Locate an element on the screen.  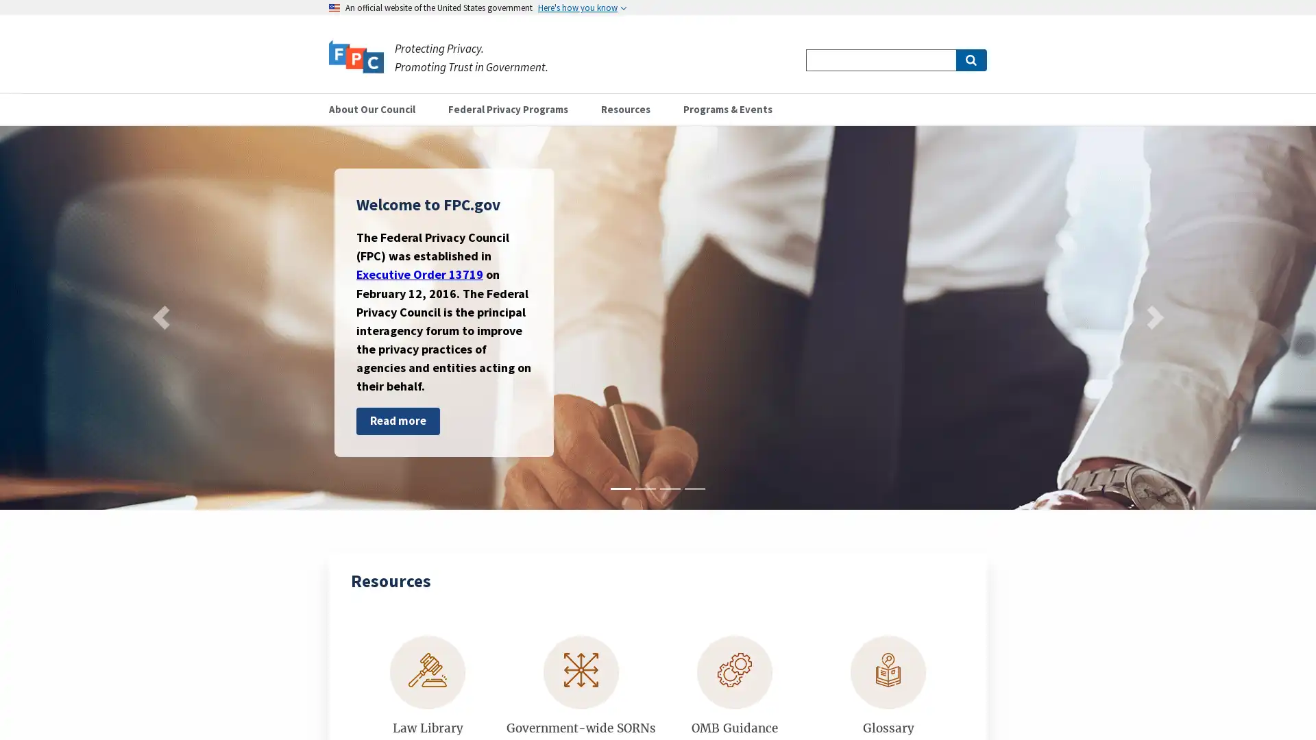
Resources is located at coordinates (631, 108).